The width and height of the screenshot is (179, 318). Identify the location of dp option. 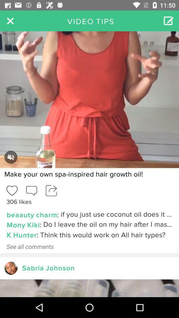
(11, 268).